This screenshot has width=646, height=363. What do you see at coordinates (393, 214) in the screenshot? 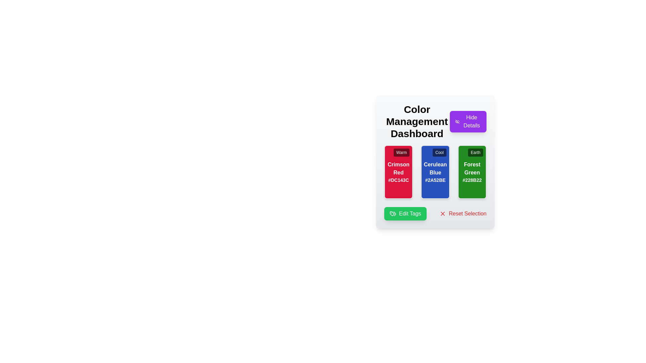
I see `the identifying icon that visually supports the 'Edit Tags' action, located at the left side of the 'Edit Tags' button in the bottom left corner of the control panel` at bounding box center [393, 214].